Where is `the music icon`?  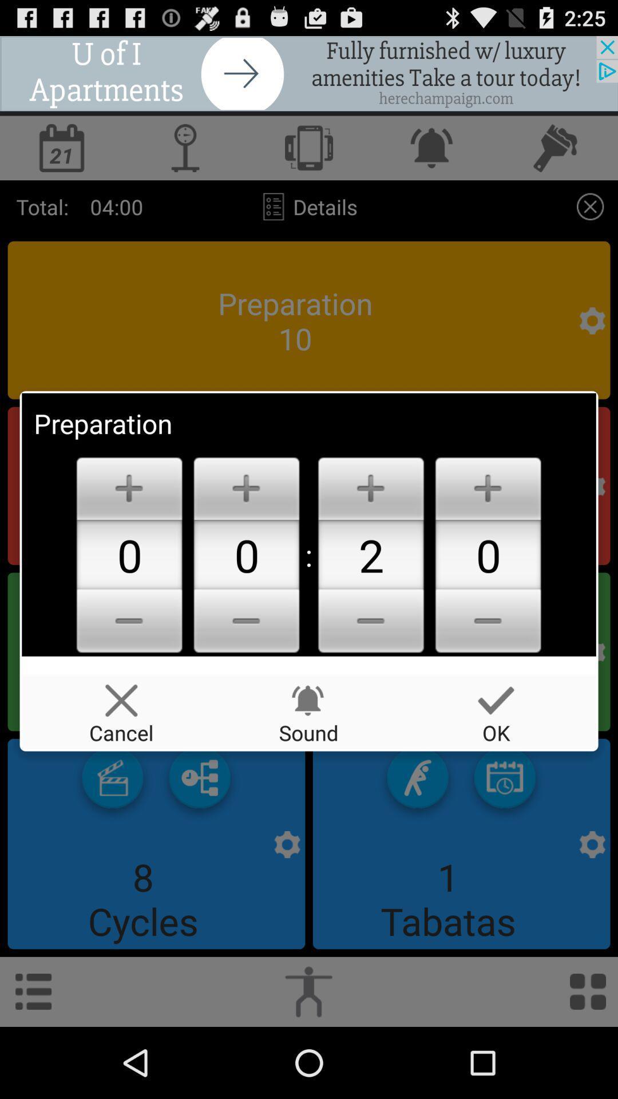
the music icon is located at coordinates (556, 157).